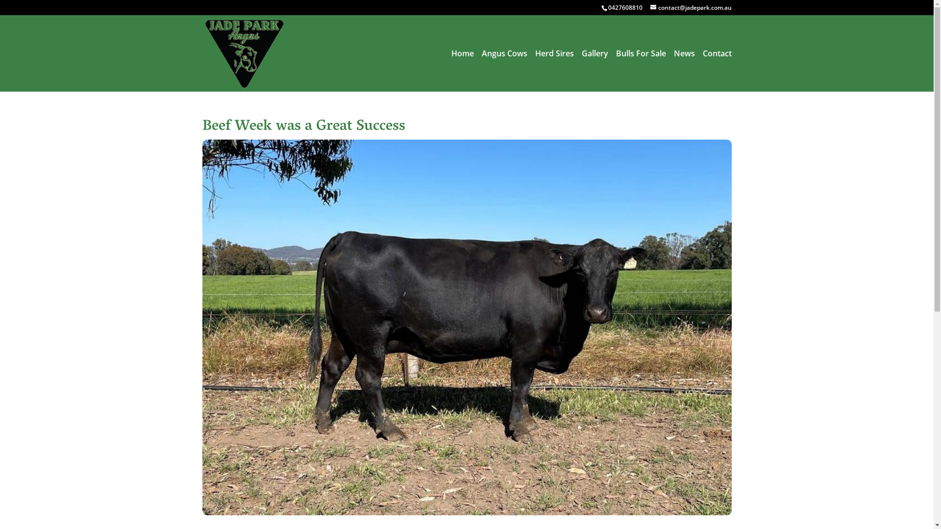  What do you see at coordinates (640, 70) in the screenshot?
I see `'Bulls For Sale'` at bounding box center [640, 70].